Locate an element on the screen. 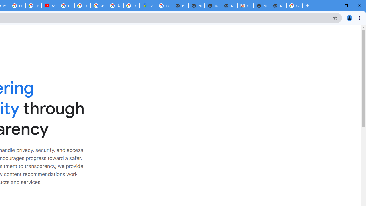  'Google Images' is located at coordinates (294, 6).